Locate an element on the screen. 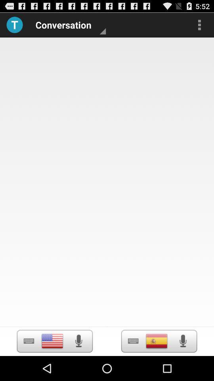  voice recording is located at coordinates (52, 341).